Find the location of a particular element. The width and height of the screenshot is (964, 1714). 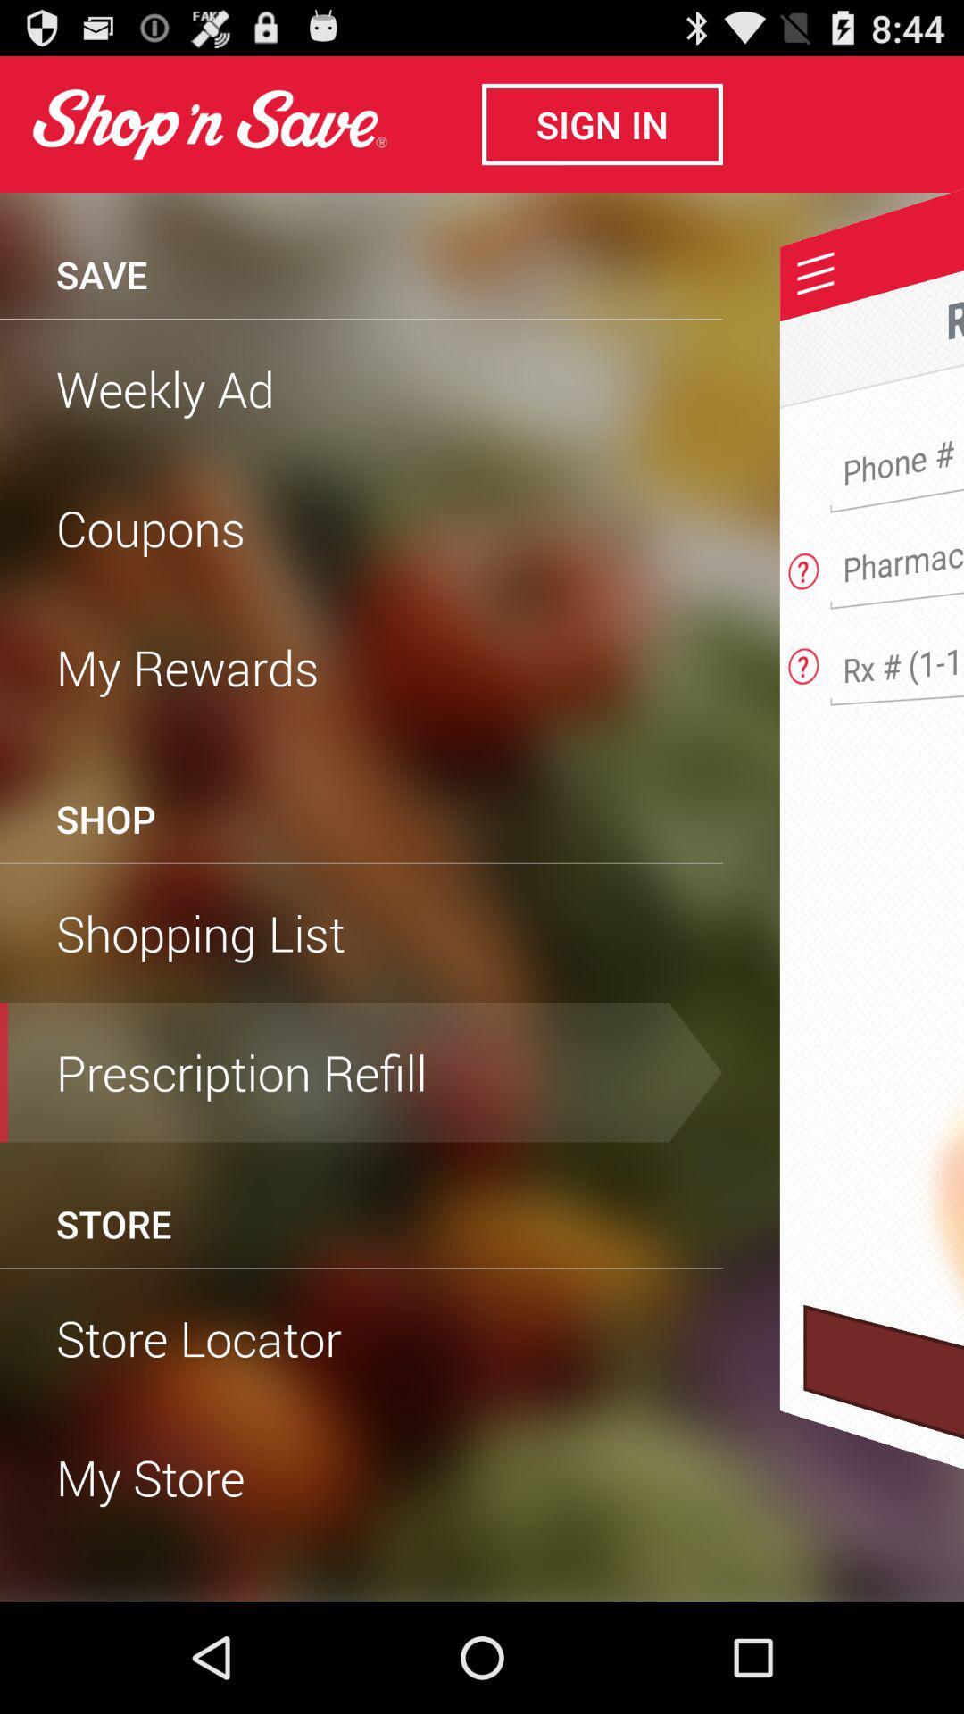

sign in button is located at coordinates (602, 123).